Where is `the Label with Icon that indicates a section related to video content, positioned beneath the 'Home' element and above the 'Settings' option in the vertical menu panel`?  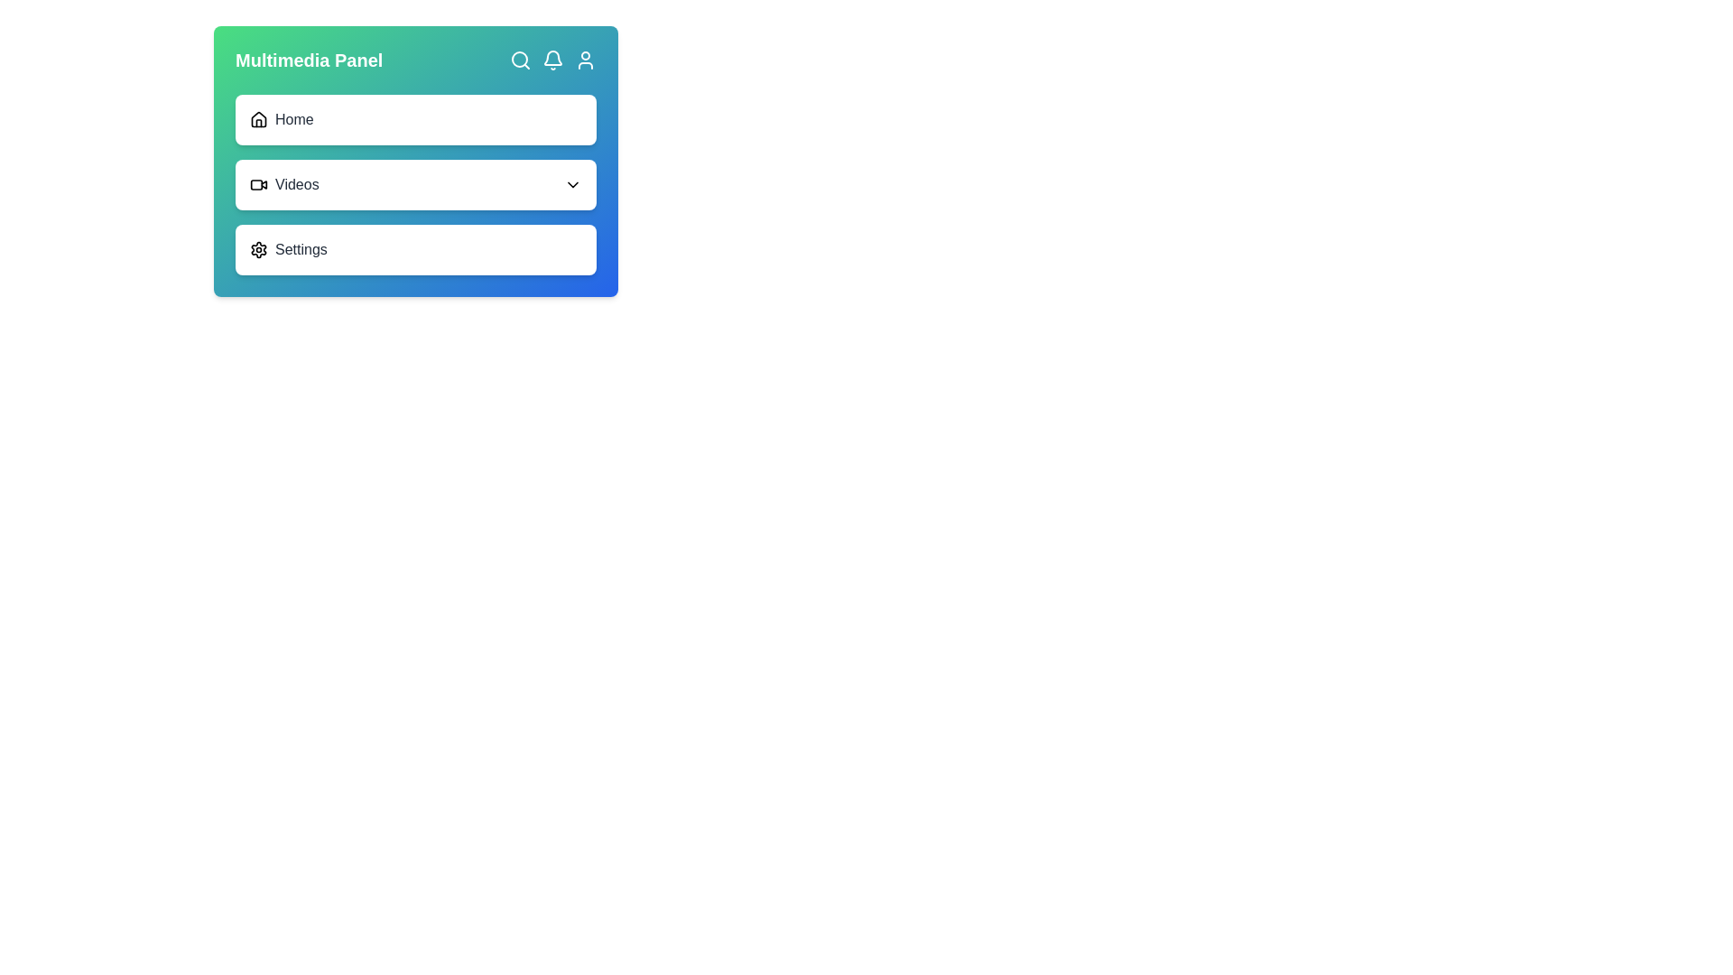 the Label with Icon that indicates a section related to video content, positioned beneath the 'Home' element and above the 'Settings' option in the vertical menu panel is located at coordinates (283, 184).